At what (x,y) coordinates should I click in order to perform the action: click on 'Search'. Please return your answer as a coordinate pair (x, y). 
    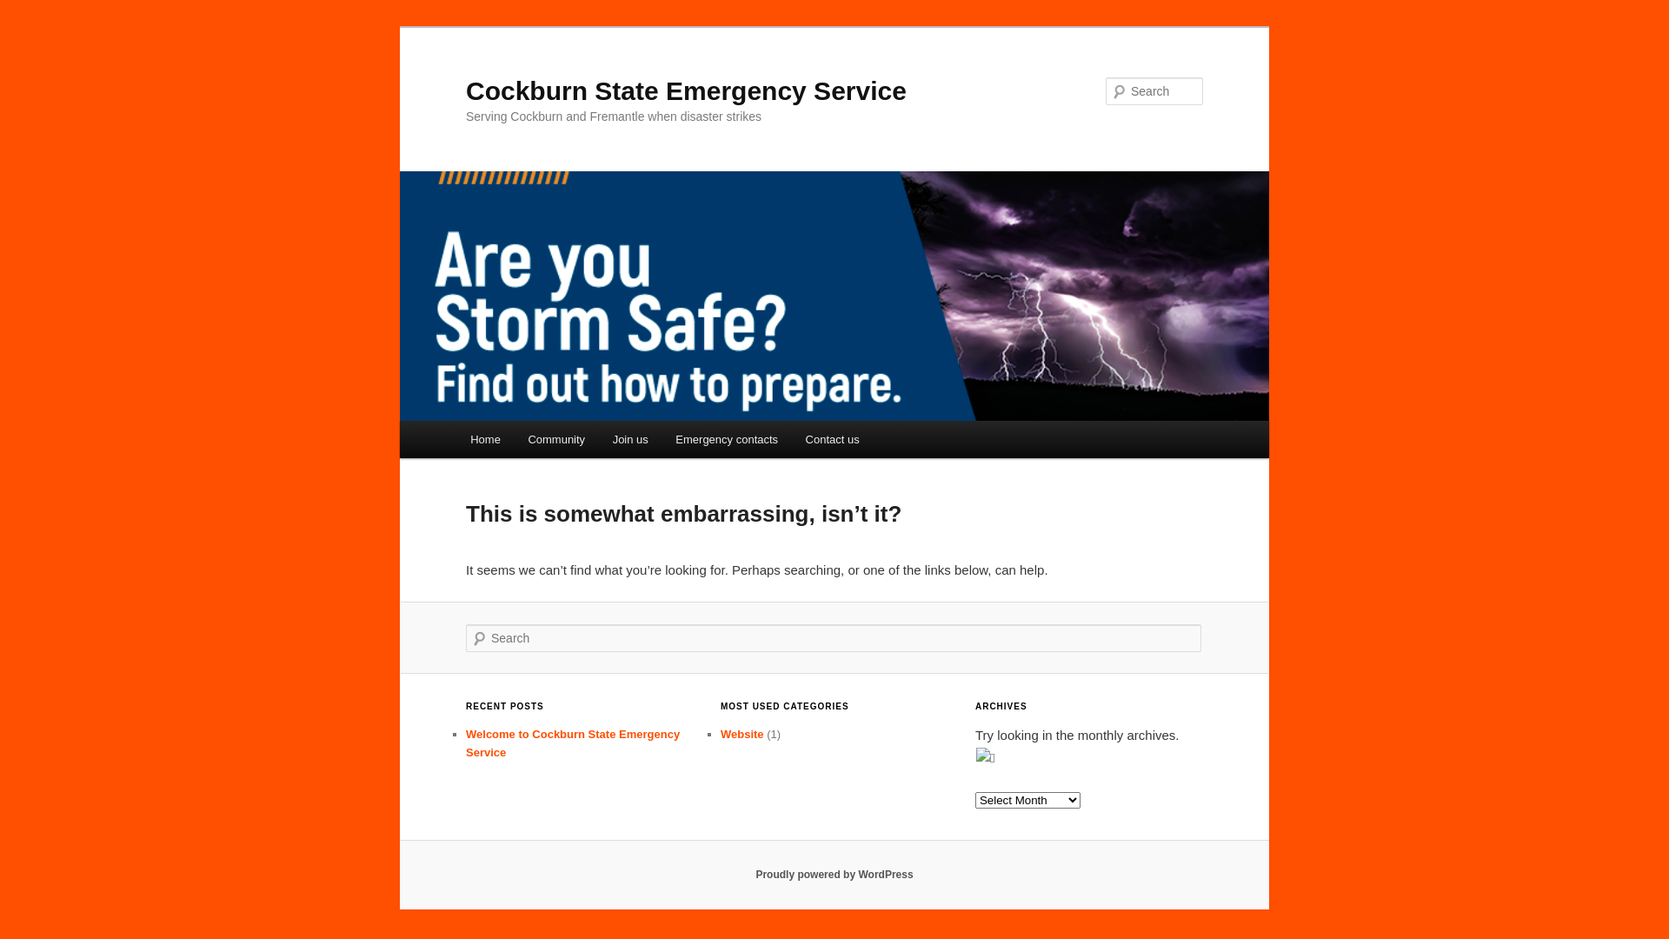
    Looking at the image, I should click on (0, 10).